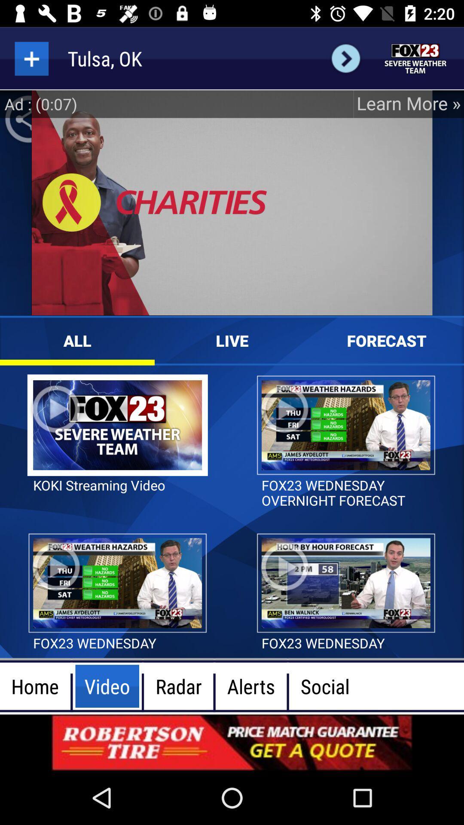 The width and height of the screenshot is (464, 825). Describe the element at coordinates (415, 58) in the screenshot. I see `fox weather news` at that location.